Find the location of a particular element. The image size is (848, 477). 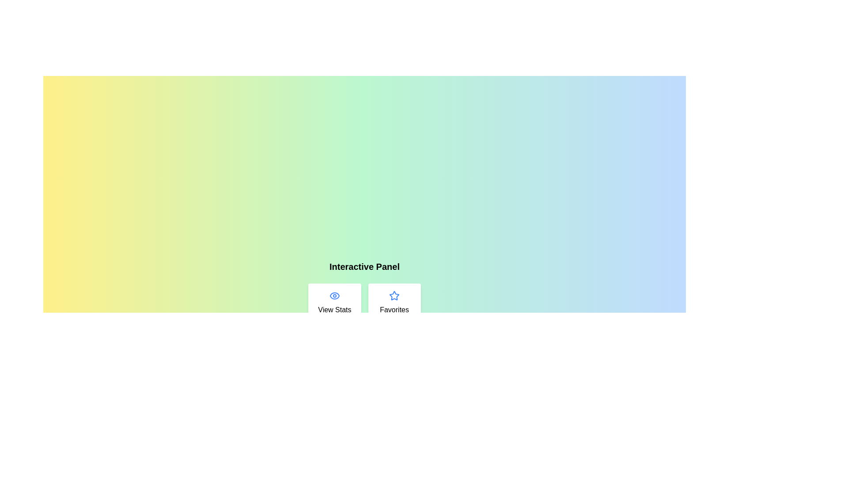

the Text Label that indicates favorites functionality is located at coordinates (394, 310).